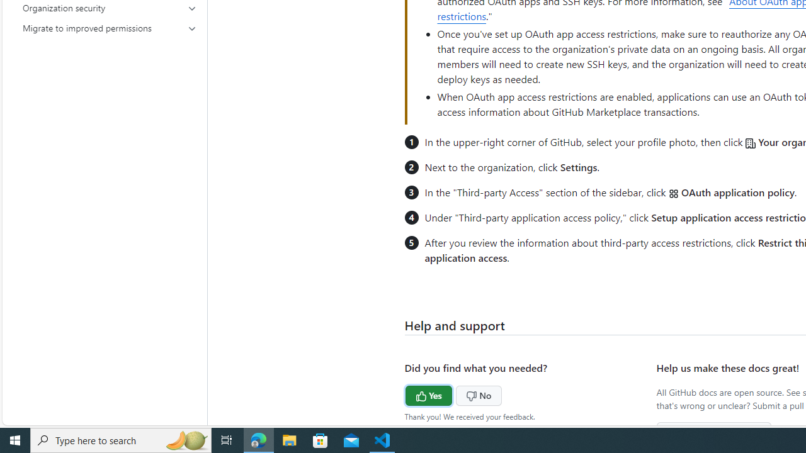 This screenshot has height=453, width=806. Describe the element at coordinates (454, 393) in the screenshot. I see `'No'` at that location.